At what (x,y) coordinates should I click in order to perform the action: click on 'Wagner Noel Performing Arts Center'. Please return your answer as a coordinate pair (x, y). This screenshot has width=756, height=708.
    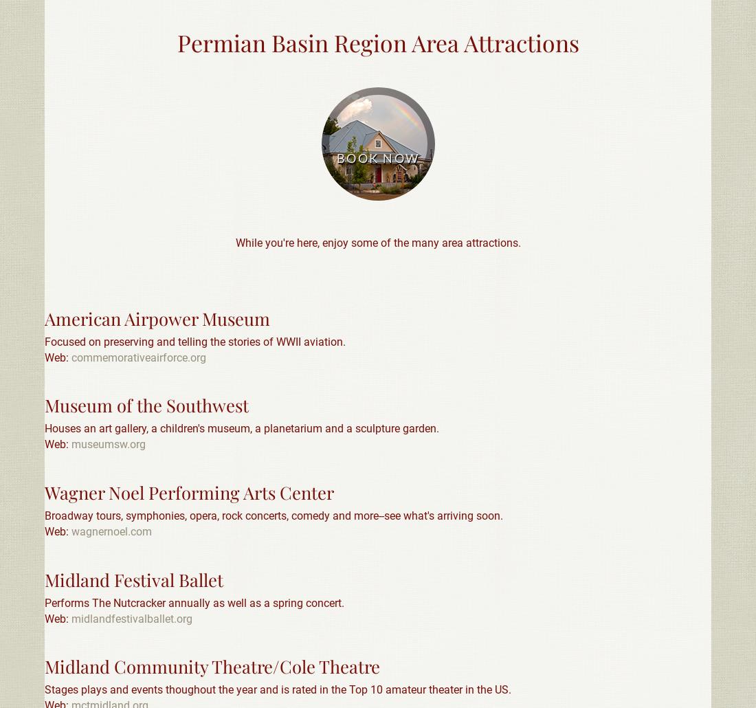
    Looking at the image, I should click on (189, 491).